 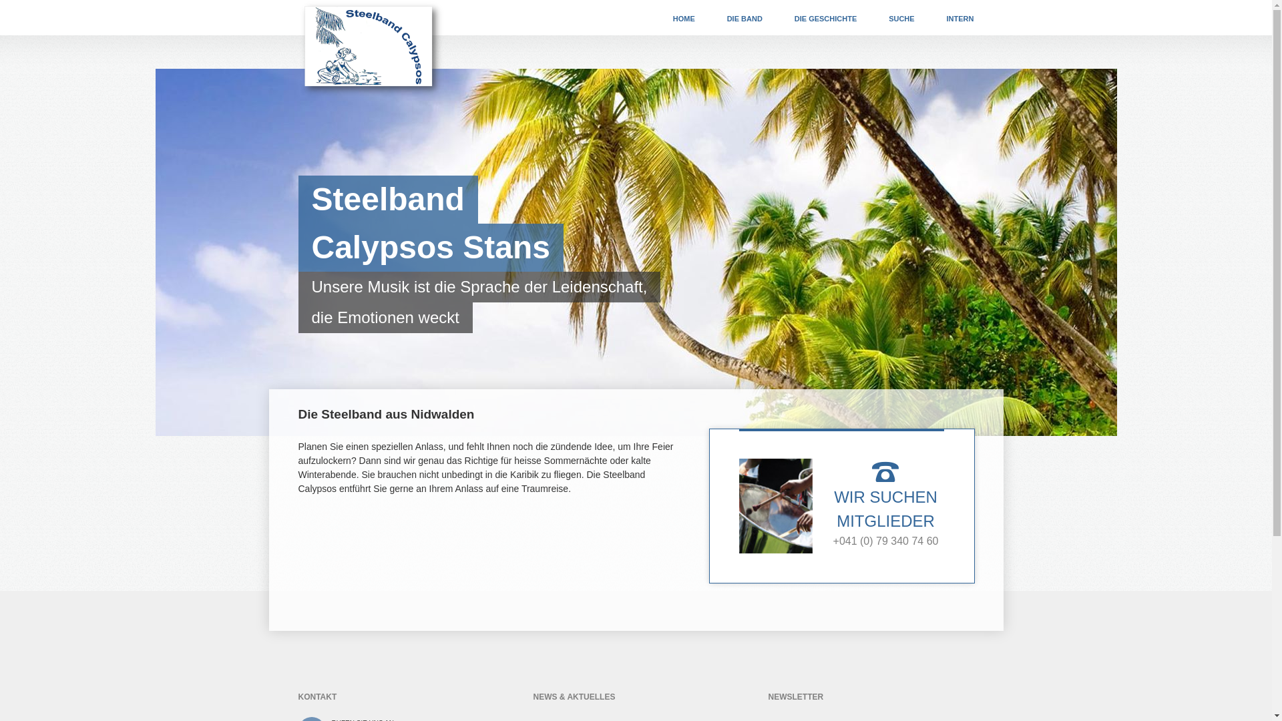 I want to click on 'HOME', so click(x=684, y=17).